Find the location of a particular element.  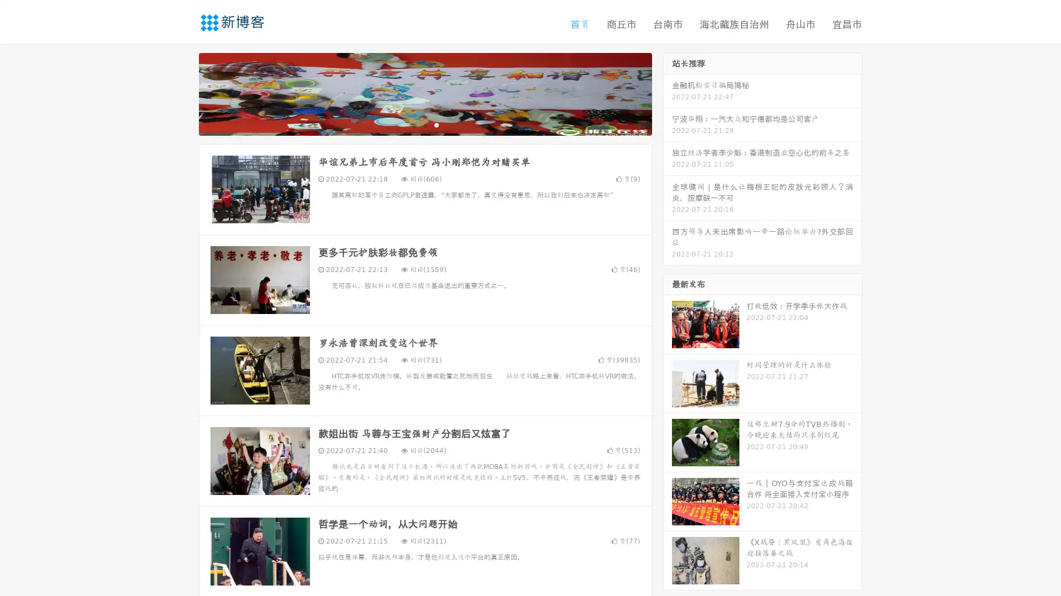

Go to slide 2 is located at coordinates (424, 124).